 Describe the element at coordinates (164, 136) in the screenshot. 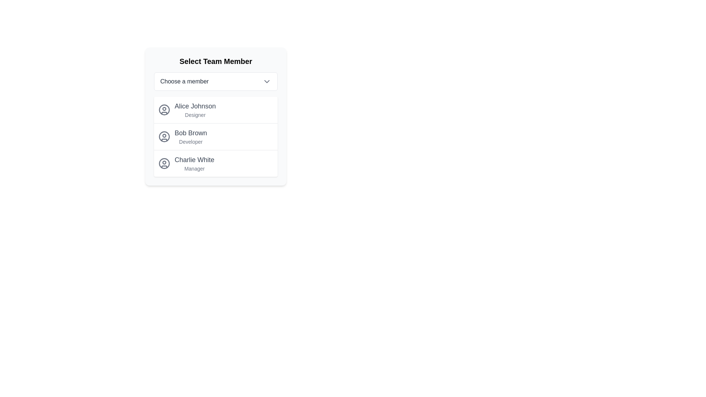

I see `the row containing the visual identifier for user 'Bob Brown', which is located in the second row beneath the header 'Select Team Member'` at that location.